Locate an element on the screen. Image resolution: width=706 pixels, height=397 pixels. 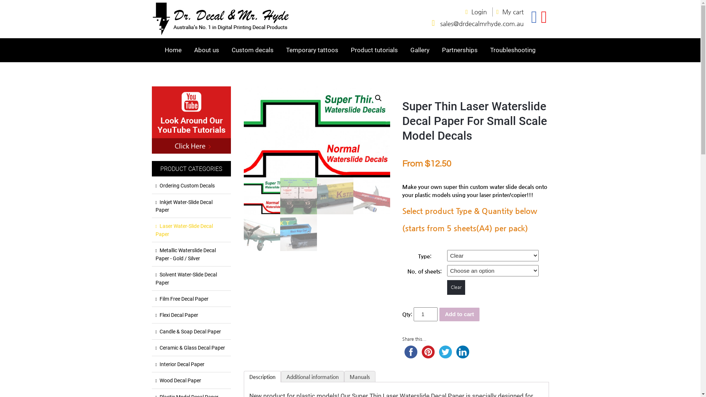
'Laser Water-Slide Decal Paper' is located at coordinates (191, 230).